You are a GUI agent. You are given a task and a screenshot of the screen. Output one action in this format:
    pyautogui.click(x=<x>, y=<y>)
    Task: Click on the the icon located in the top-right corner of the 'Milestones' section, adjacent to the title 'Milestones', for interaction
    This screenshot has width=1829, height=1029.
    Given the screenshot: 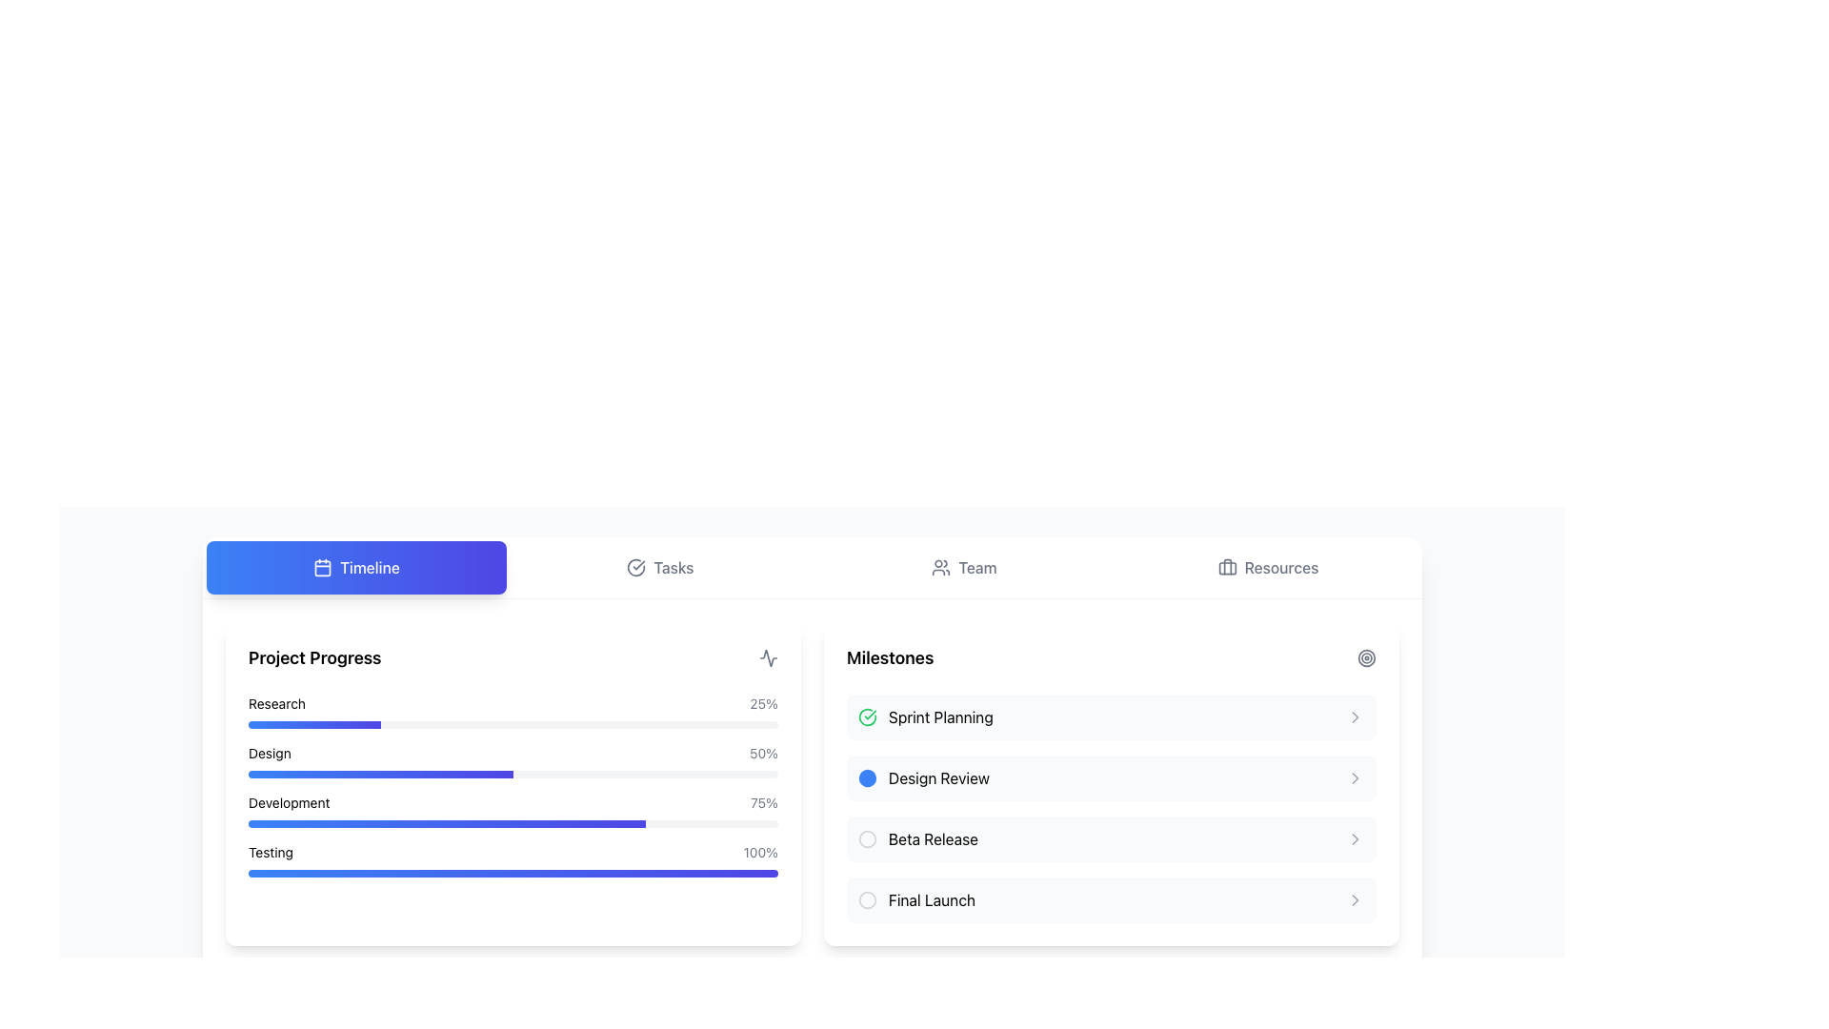 What is the action you would take?
    pyautogui.click(x=1366, y=656)
    